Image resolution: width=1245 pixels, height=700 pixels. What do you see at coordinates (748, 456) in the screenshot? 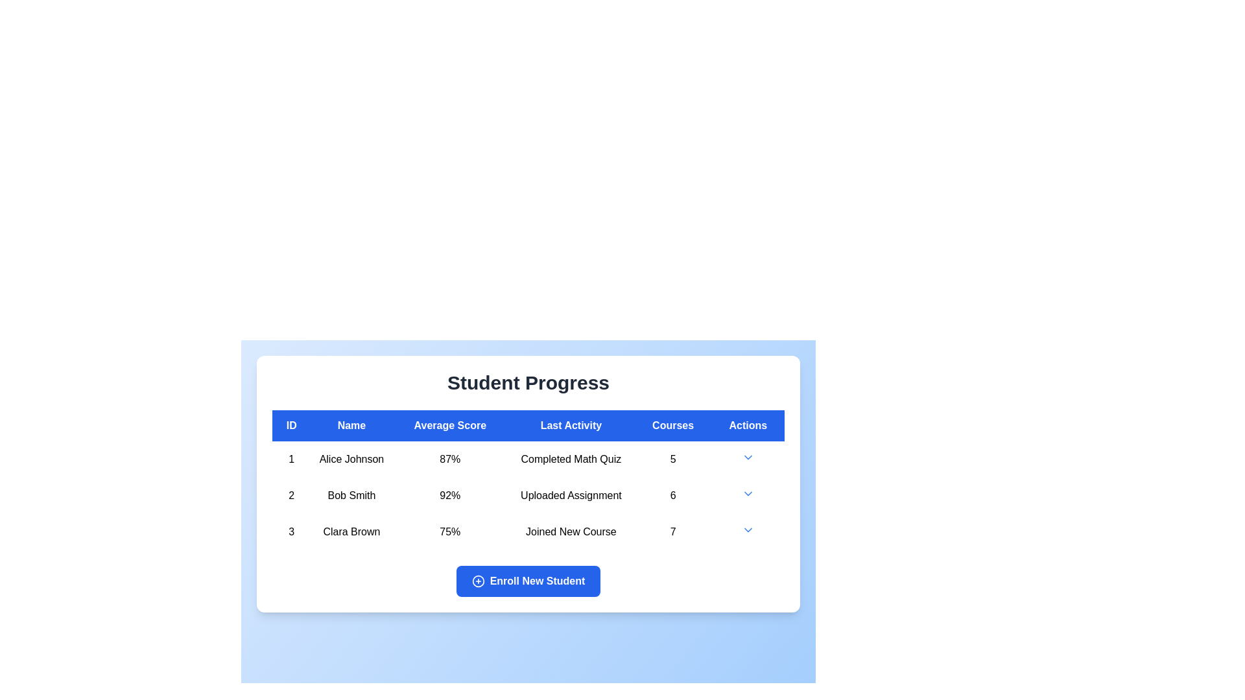
I see `the dropdown toggle icon located at the rightmost end of the first row in the 'Actions' column of the 'Student Progress' table to change its color` at bounding box center [748, 456].